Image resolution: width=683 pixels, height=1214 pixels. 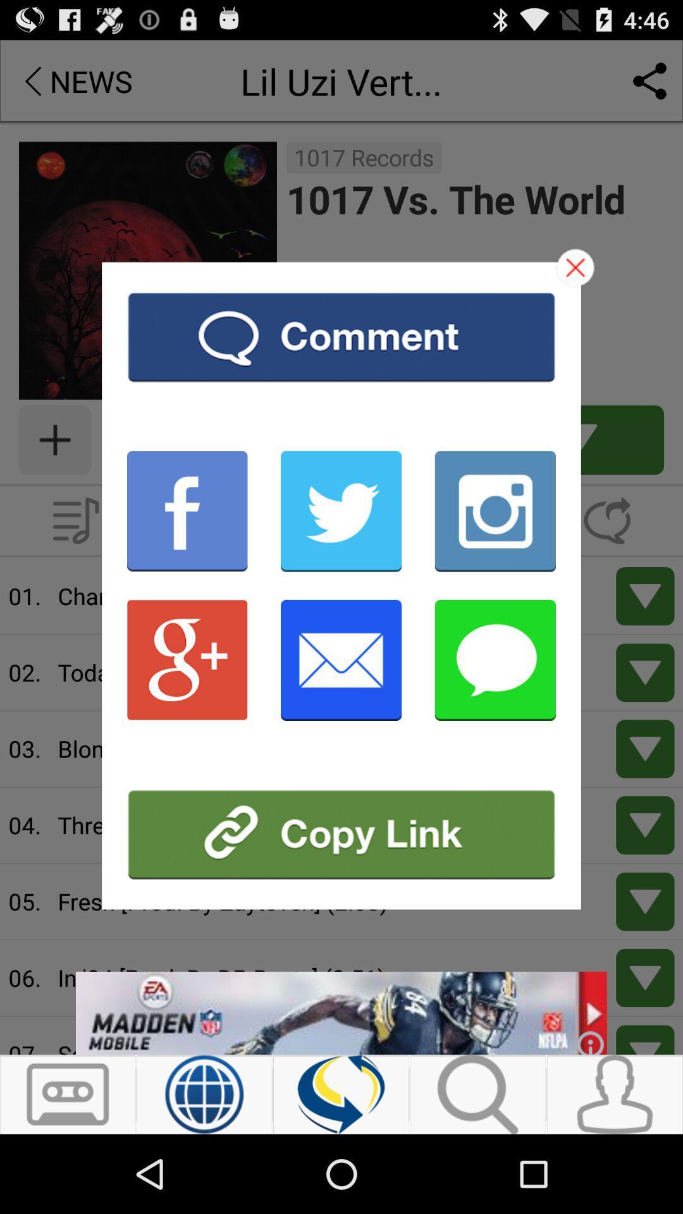 I want to click on twitter page, so click(x=340, y=511).